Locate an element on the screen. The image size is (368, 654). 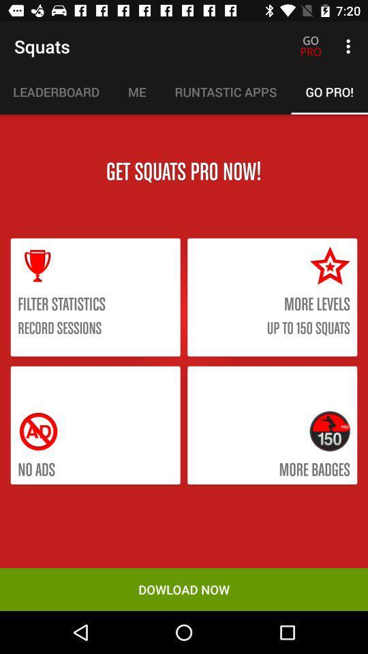
icon next to the runtastic apps is located at coordinates (137, 91).